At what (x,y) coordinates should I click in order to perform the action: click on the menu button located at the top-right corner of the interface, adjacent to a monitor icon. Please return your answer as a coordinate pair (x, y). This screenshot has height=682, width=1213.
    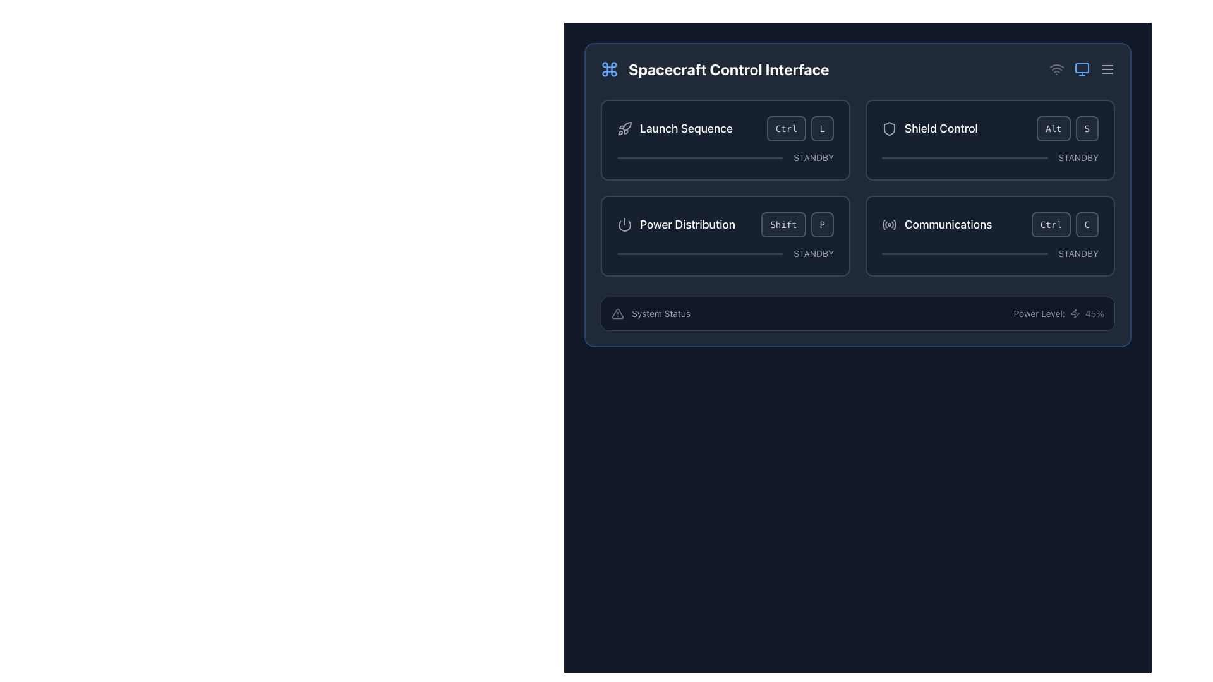
    Looking at the image, I should click on (1106, 69).